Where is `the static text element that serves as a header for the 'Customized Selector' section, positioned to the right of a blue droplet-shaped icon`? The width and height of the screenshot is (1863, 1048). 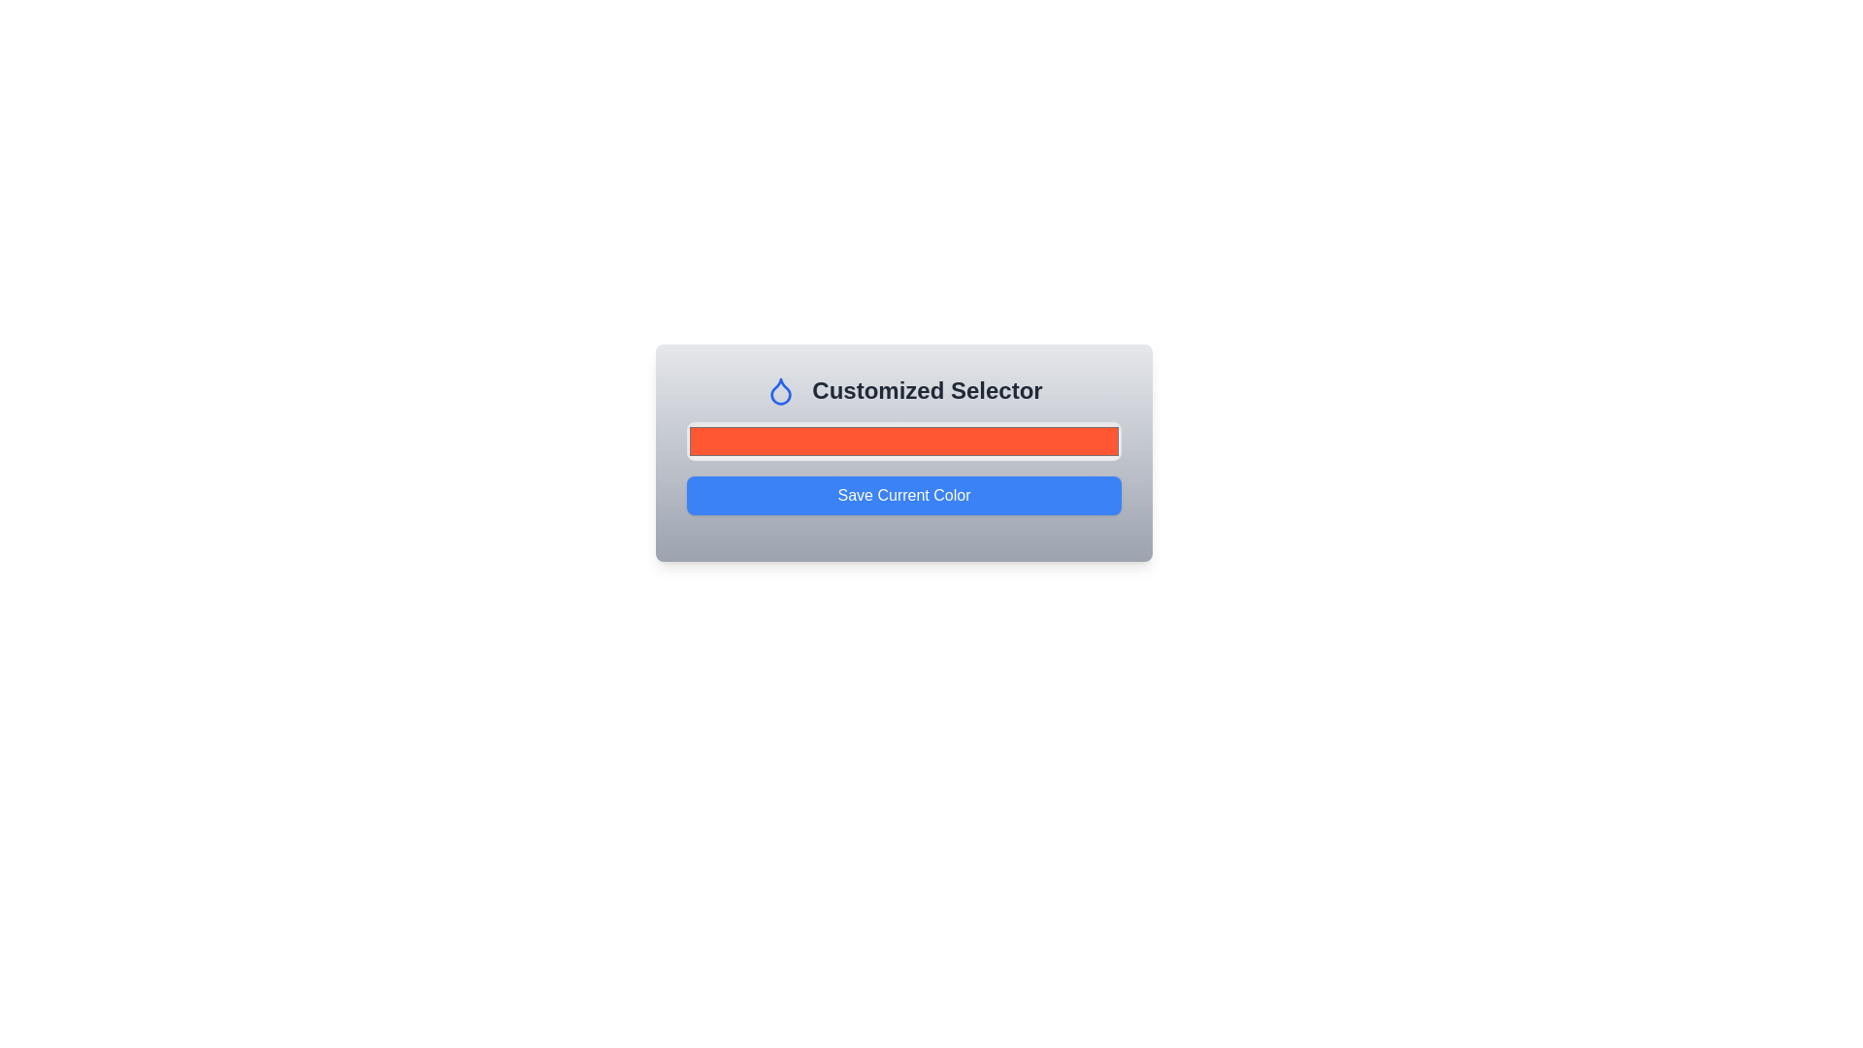 the static text element that serves as a header for the 'Customized Selector' section, positioned to the right of a blue droplet-shaped icon is located at coordinates (926, 390).